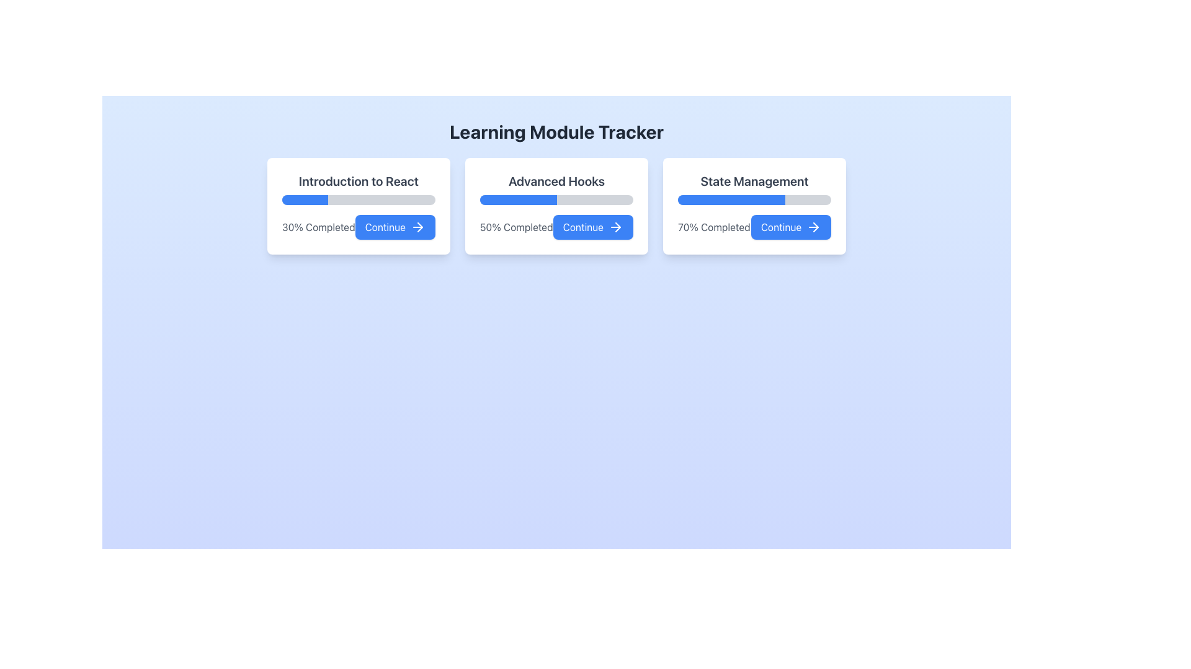  What do you see at coordinates (417, 227) in the screenshot?
I see `the icon that symbolizes progression, positioned inside the 'Continue' button, to the right of the 'Continue' text` at bounding box center [417, 227].